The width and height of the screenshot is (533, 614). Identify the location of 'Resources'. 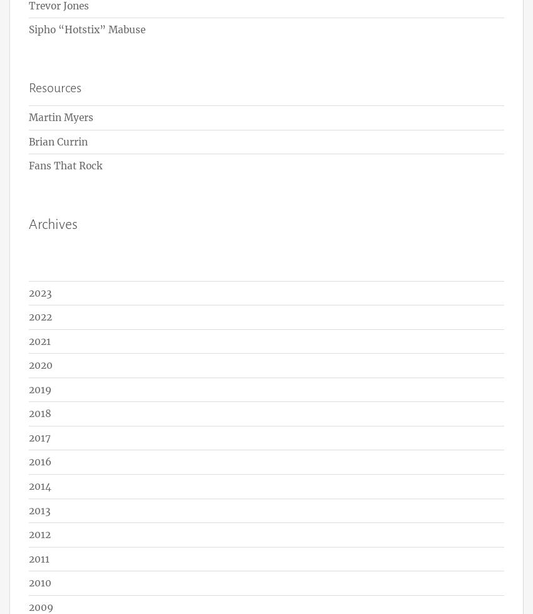
(54, 87).